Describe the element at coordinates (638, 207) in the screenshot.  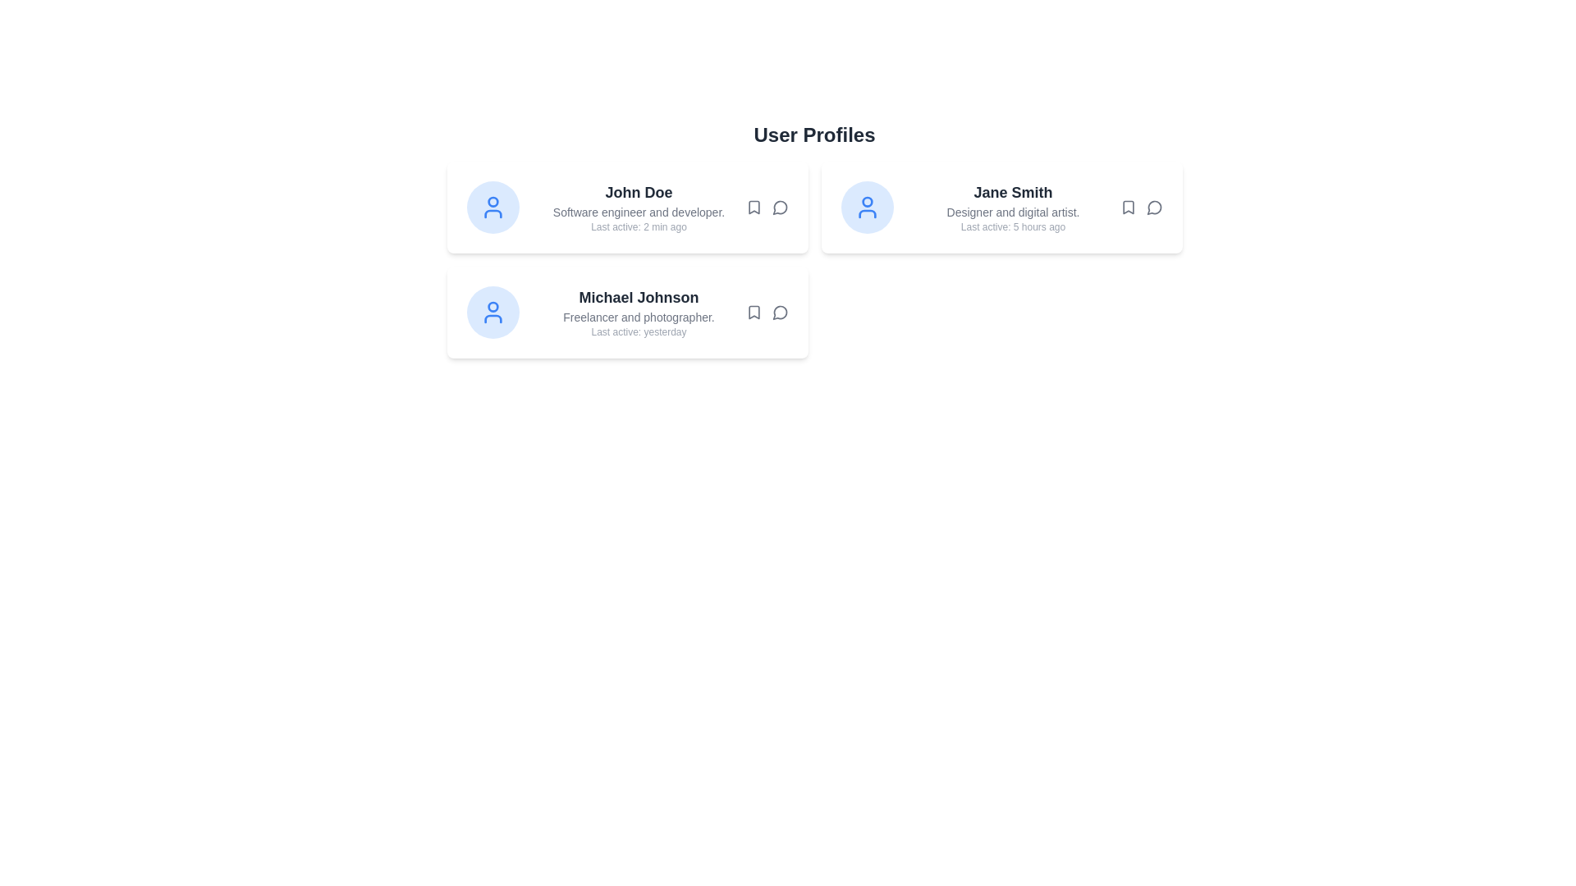
I see `the informational text block that contains the name 'John Doe', the title 'Software engineer and developer.', and the status 'Last active: 2 min ago'` at that location.